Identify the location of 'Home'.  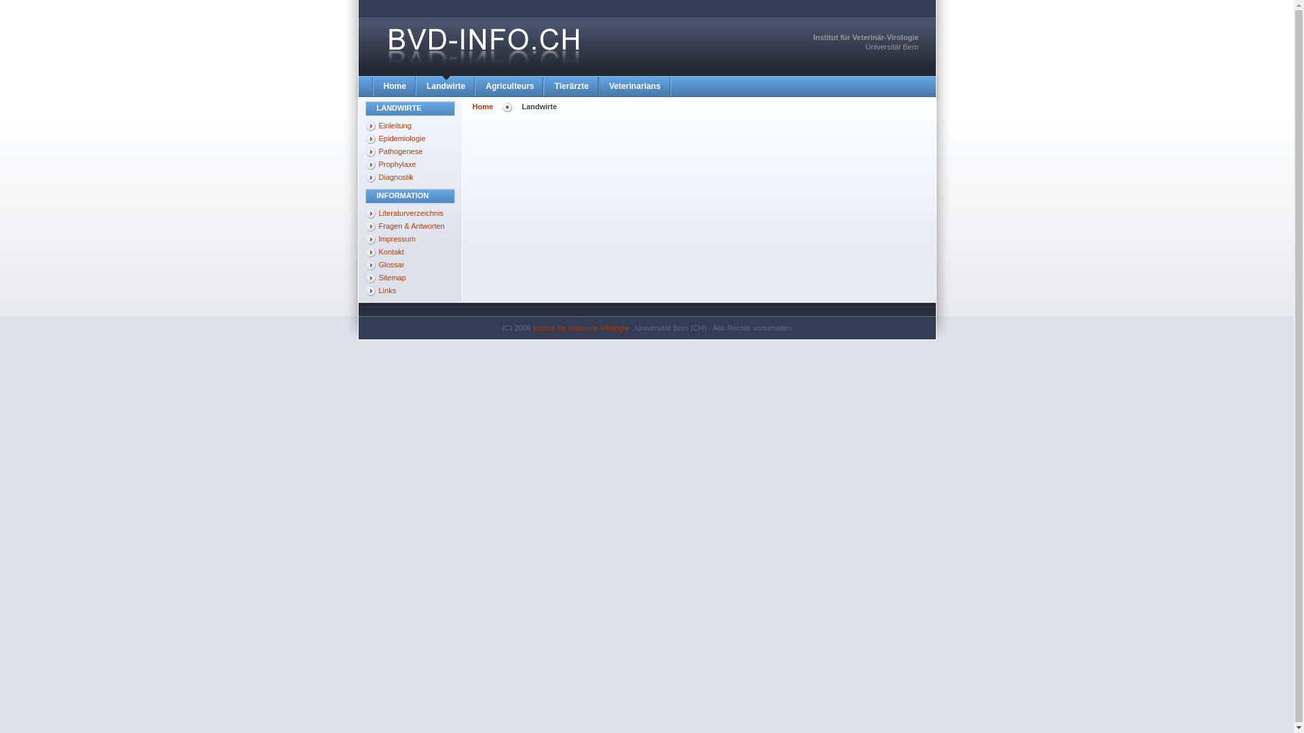
(394, 86).